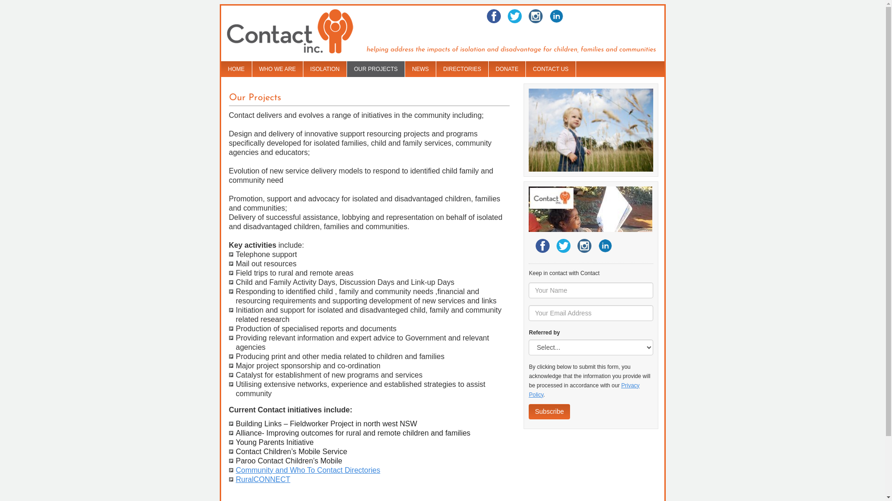  Describe the element at coordinates (325, 69) in the screenshot. I see `'ISOLATION'` at that location.